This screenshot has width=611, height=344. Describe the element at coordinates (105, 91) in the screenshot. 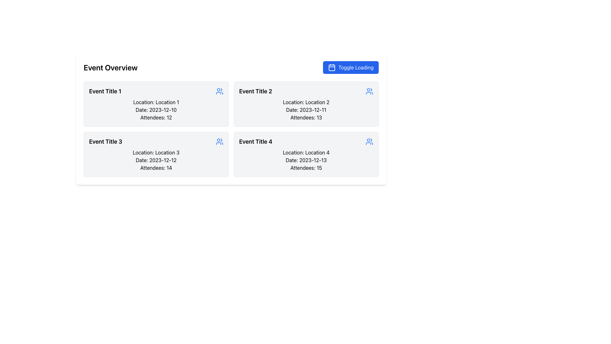

I see `the static text label displaying 'Event Title 1', which is styled in bold and slightly larger font located at the top-left section of the first event card` at that location.